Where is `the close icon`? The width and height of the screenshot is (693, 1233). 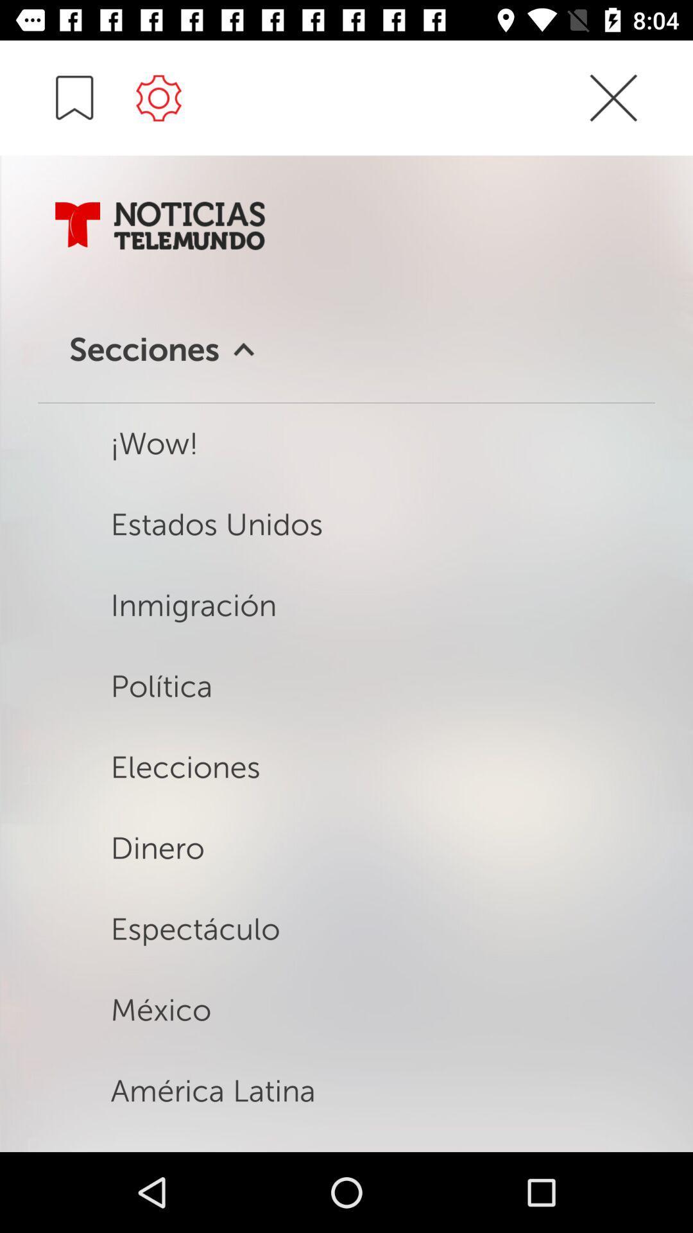
the close icon is located at coordinates (613, 121).